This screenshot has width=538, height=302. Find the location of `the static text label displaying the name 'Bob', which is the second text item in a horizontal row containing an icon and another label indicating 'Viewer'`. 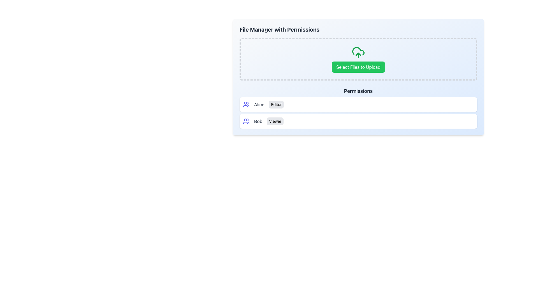

the static text label displaying the name 'Bob', which is the second text item in a horizontal row containing an icon and another label indicating 'Viewer' is located at coordinates (258, 121).